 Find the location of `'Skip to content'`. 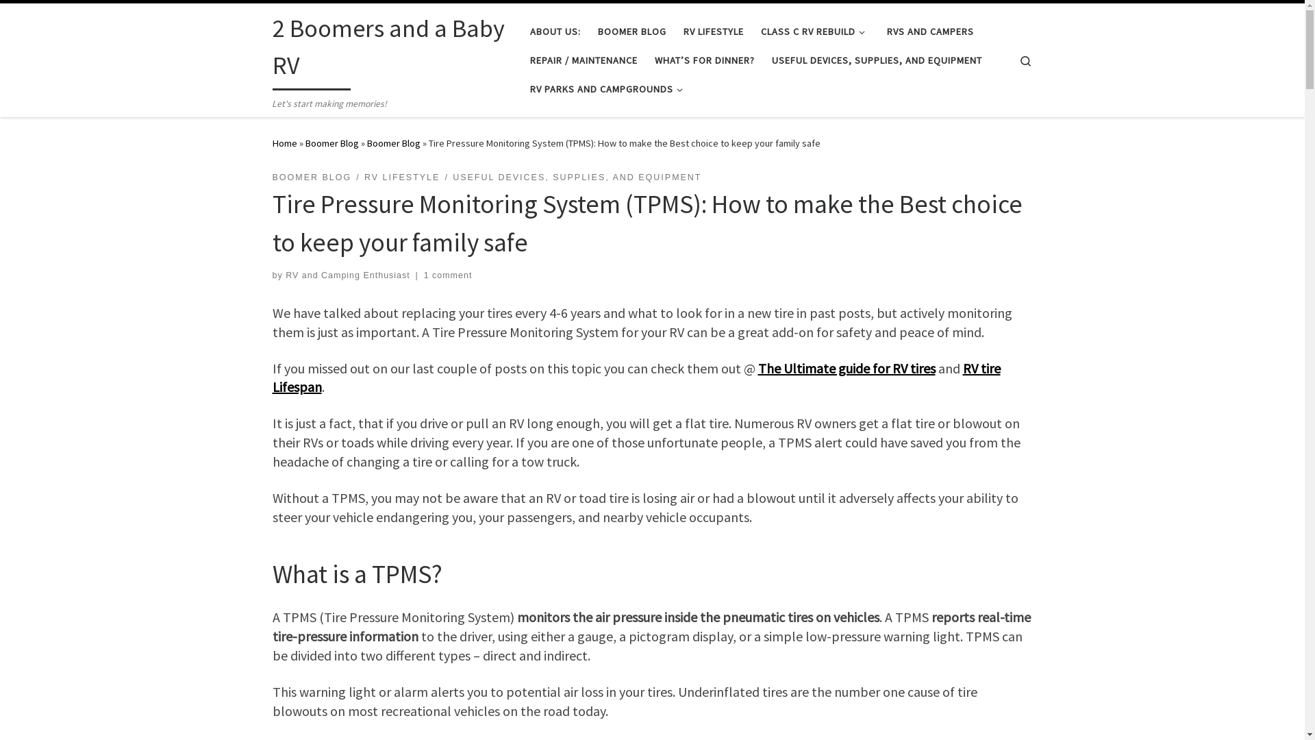

'Skip to content' is located at coordinates (51, 18).